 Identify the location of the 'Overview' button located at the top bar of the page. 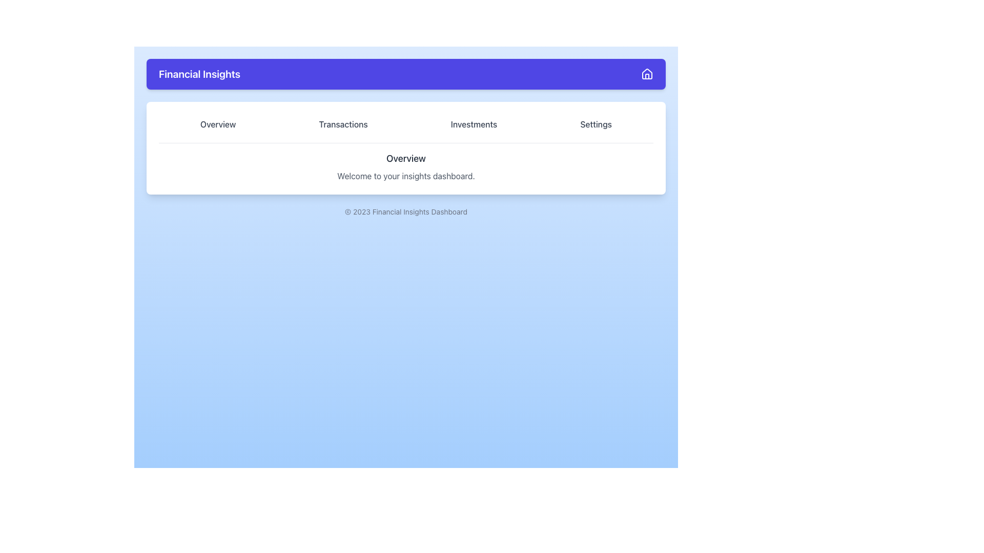
(217, 124).